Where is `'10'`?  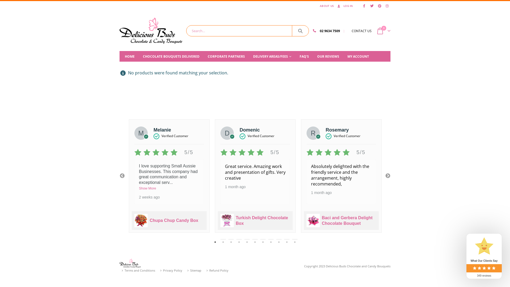 '10' is located at coordinates (287, 242).